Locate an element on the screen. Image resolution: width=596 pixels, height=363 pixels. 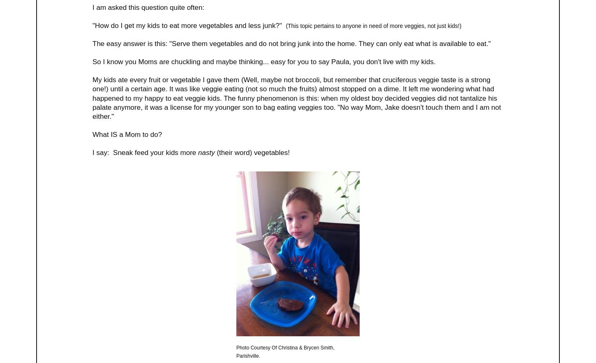
'(their word) vegetables!' is located at coordinates (252, 153).